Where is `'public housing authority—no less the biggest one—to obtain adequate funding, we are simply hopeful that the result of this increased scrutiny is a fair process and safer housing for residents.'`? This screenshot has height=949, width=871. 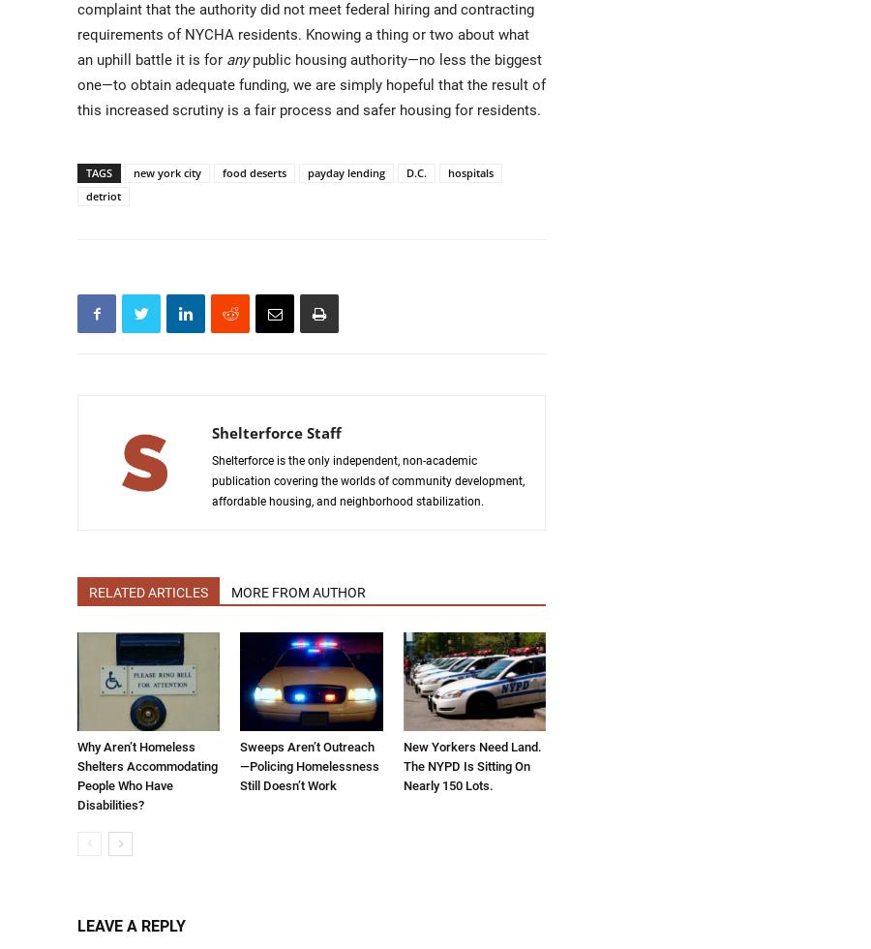 'public housing authority—no less the biggest one—to obtain adequate funding, we are simply hopeful that the result of this increased scrutiny is a fair process and safer housing for residents.' is located at coordinates (311, 85).